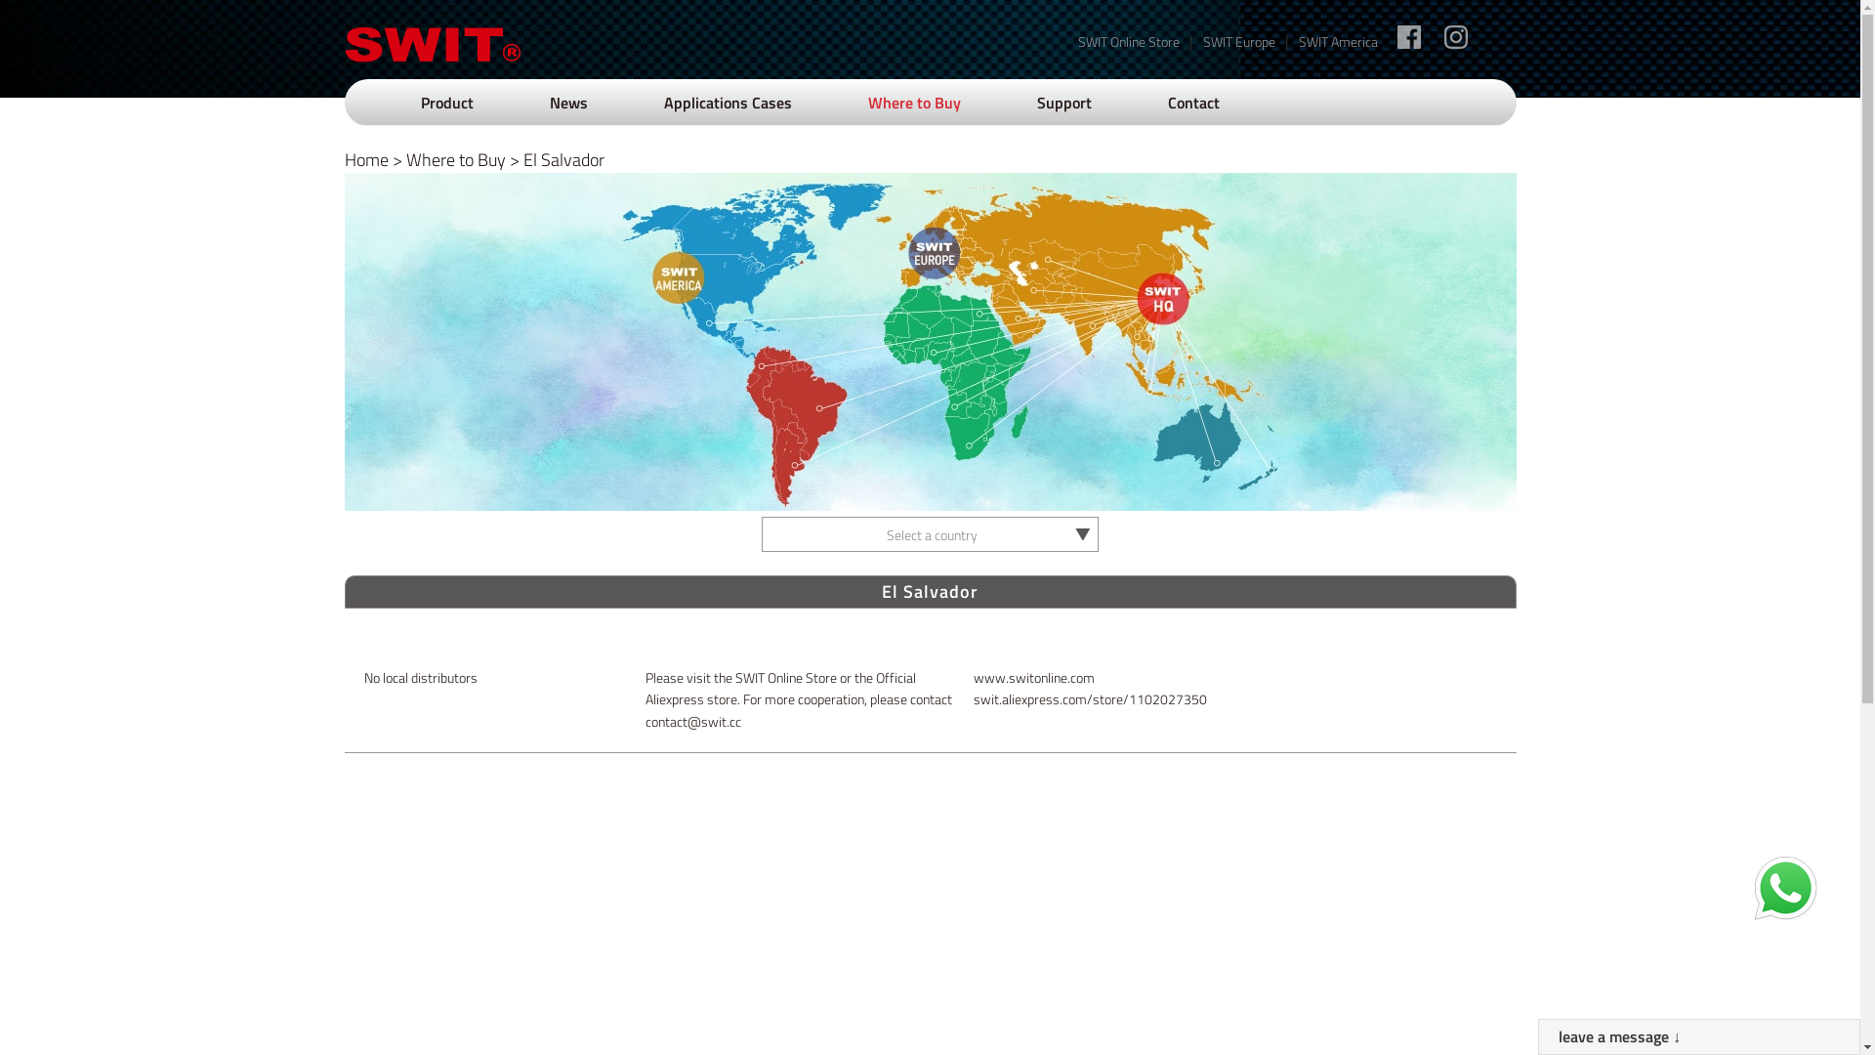 This screenshot has width=1875, height=1055. I want to click on 'SWIT Online Store', so click(1077, 41).